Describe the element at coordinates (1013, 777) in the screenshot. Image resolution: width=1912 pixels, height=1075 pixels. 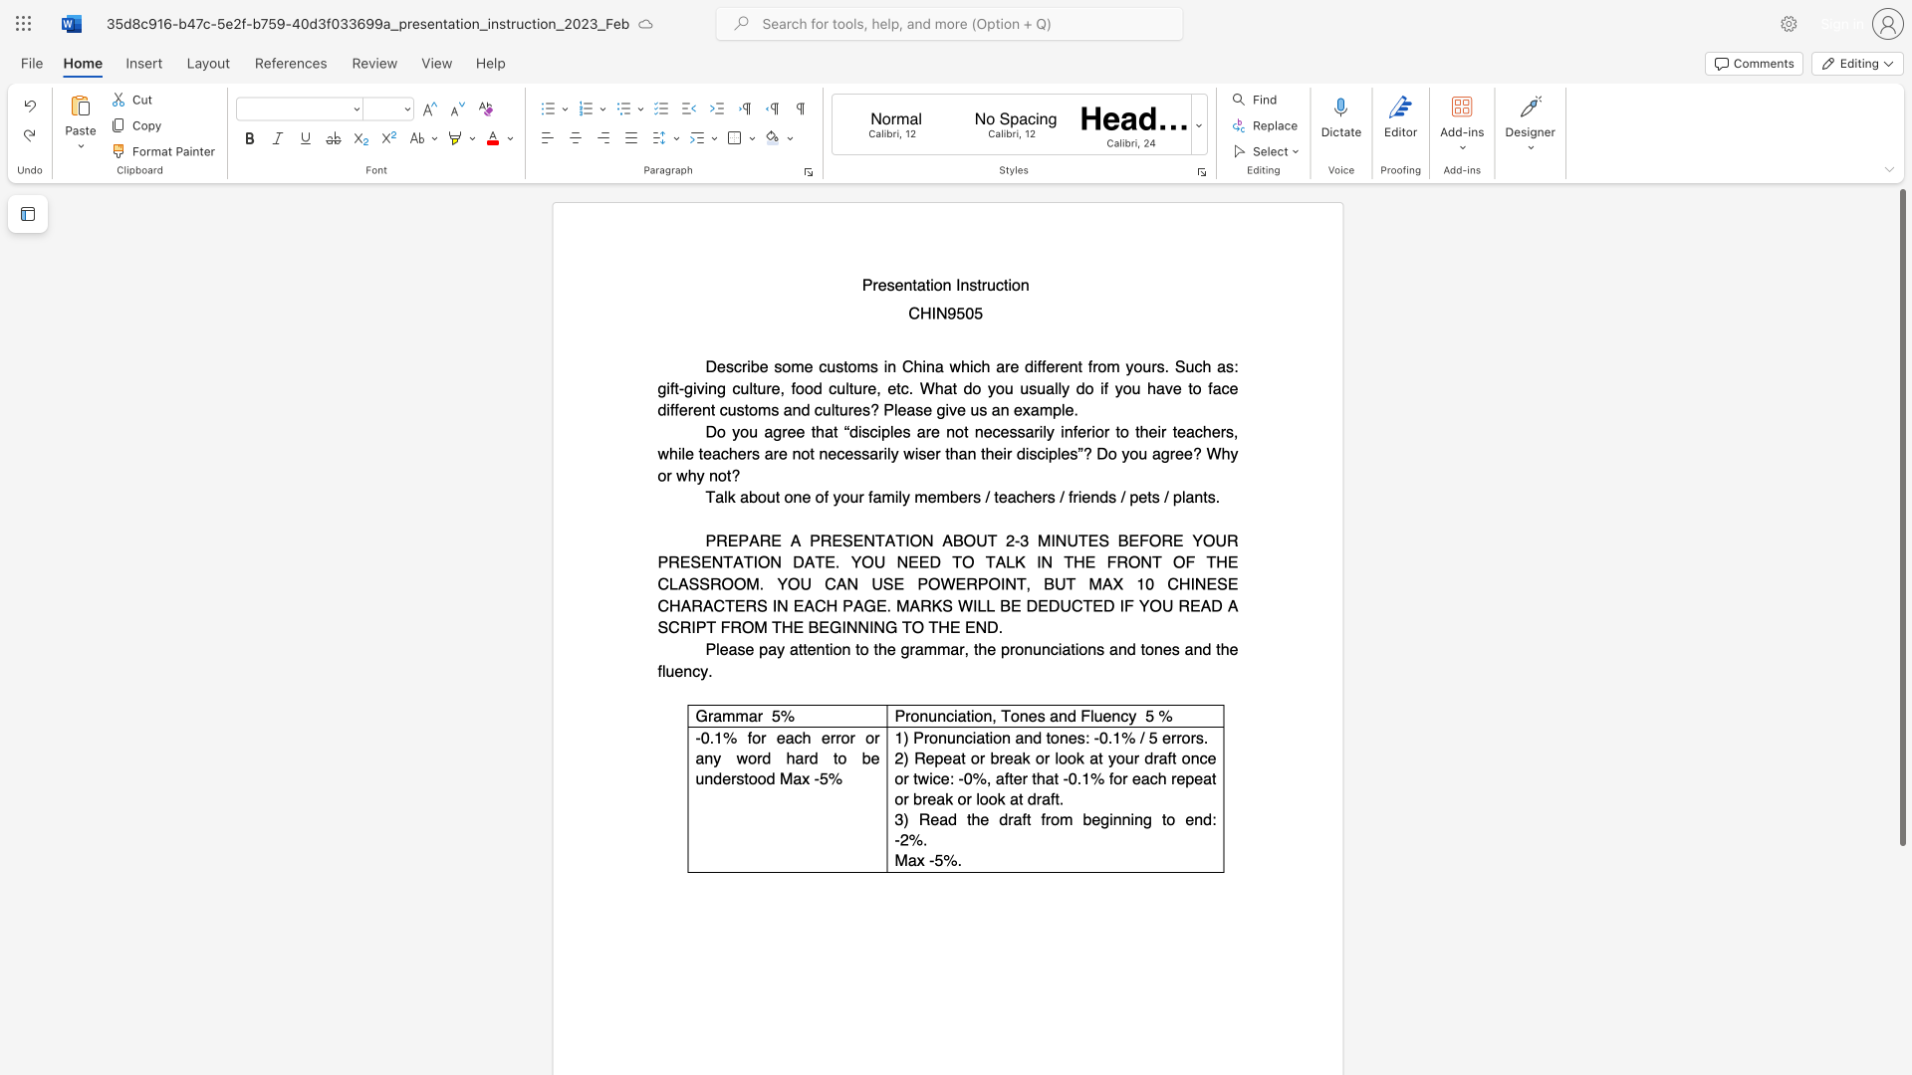
I see `the subset text "er that -0.1% for each repeat or brea" within the text "2) Repeat or break or look at your draft once or twice: -0%, after that -0.1% for each repeat or break or look at draft."` at that location.